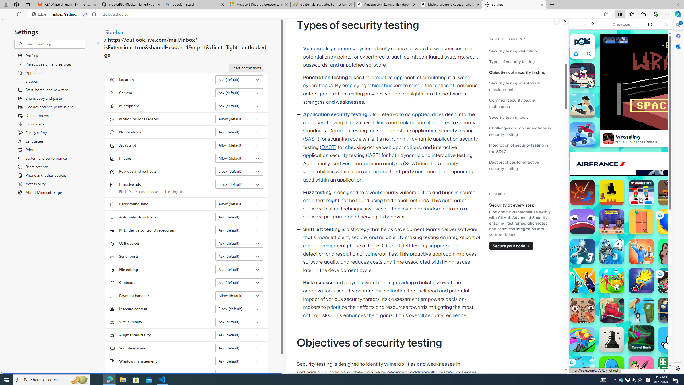 This screenshot has height=385, width=684. What do you see at coordinates (608, 138) in the screenshot?
I see `'Wrassling'` at bounding box center [608, 138].